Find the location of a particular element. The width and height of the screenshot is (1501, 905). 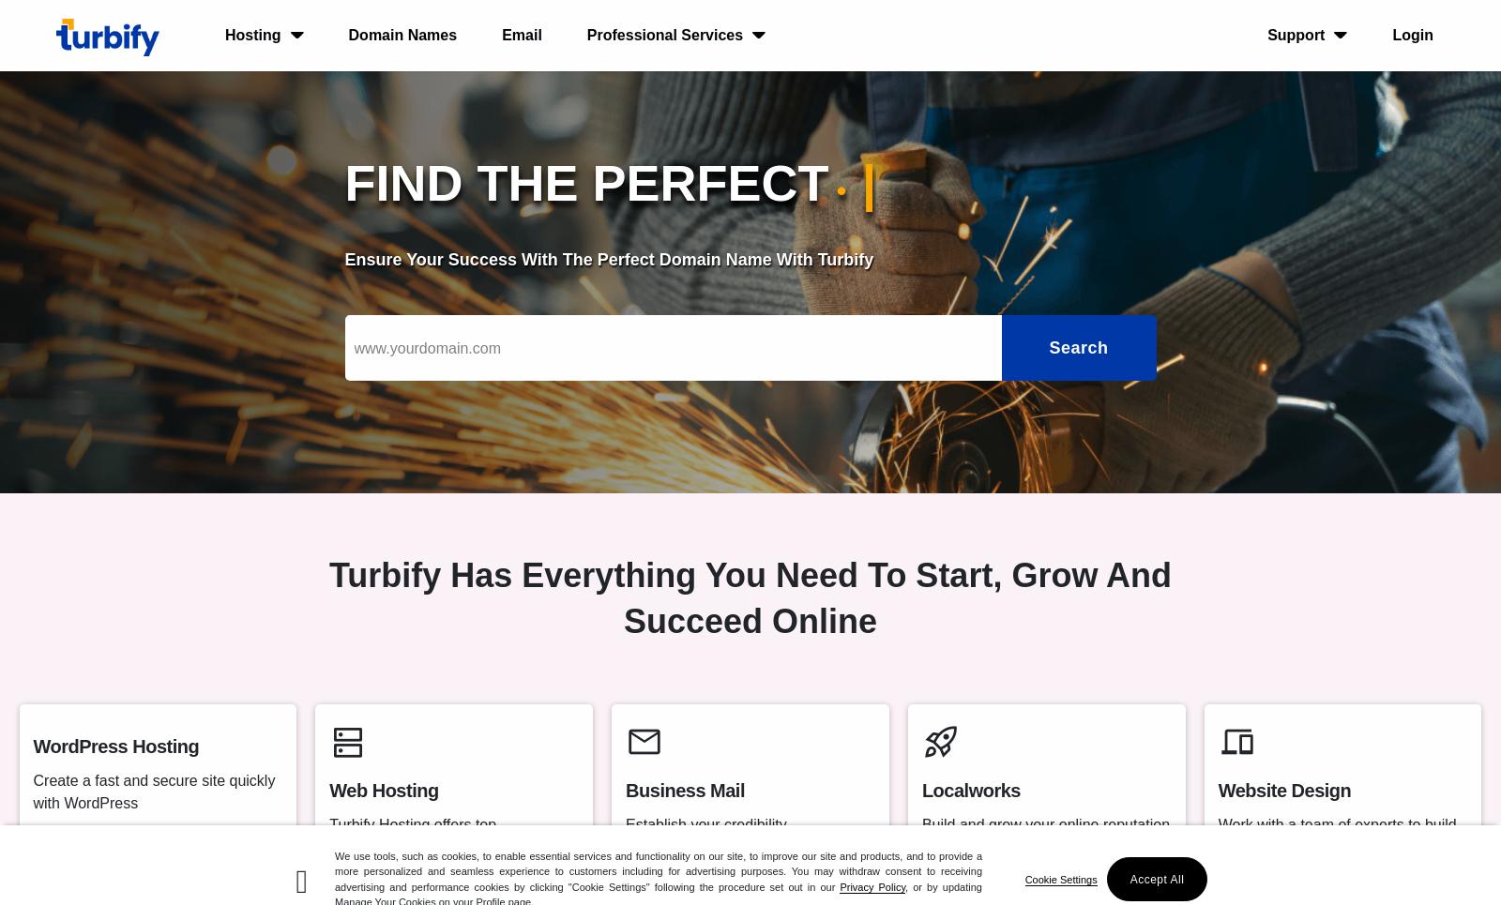

'Localworks' is located at coordinates (970, 790).